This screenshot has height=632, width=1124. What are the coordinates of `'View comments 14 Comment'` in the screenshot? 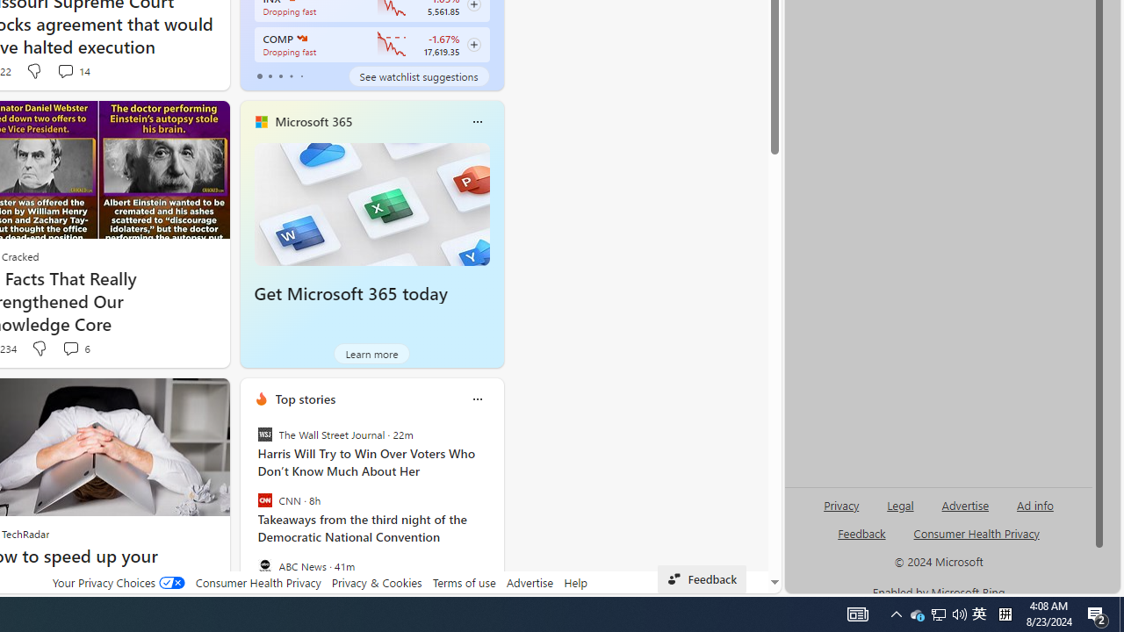 It's located at (72, 70).